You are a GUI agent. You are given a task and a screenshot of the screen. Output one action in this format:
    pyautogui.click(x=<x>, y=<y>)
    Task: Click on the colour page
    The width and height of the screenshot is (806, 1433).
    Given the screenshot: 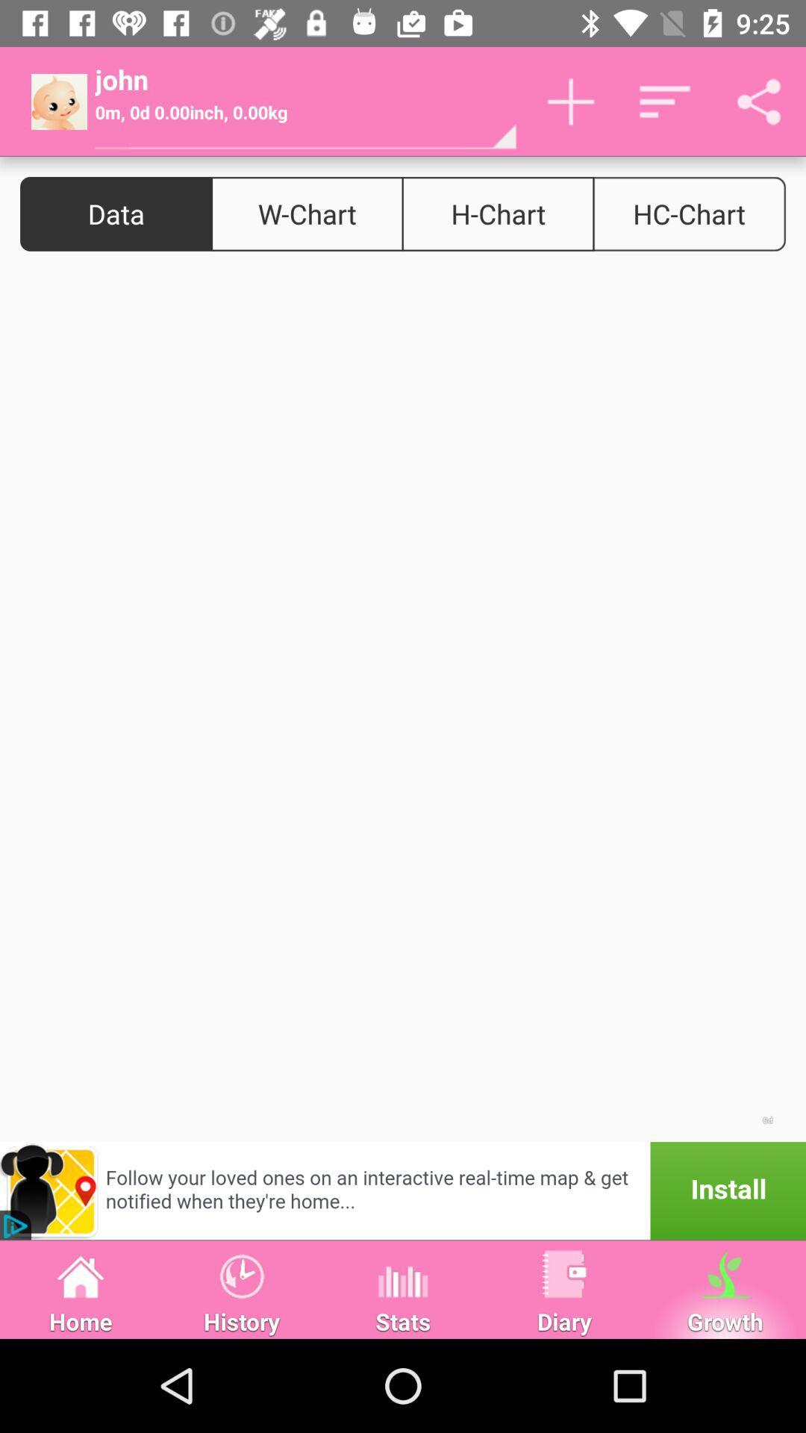 What is the action you would take?
    pyautogui.click(x=403, y=705)
    